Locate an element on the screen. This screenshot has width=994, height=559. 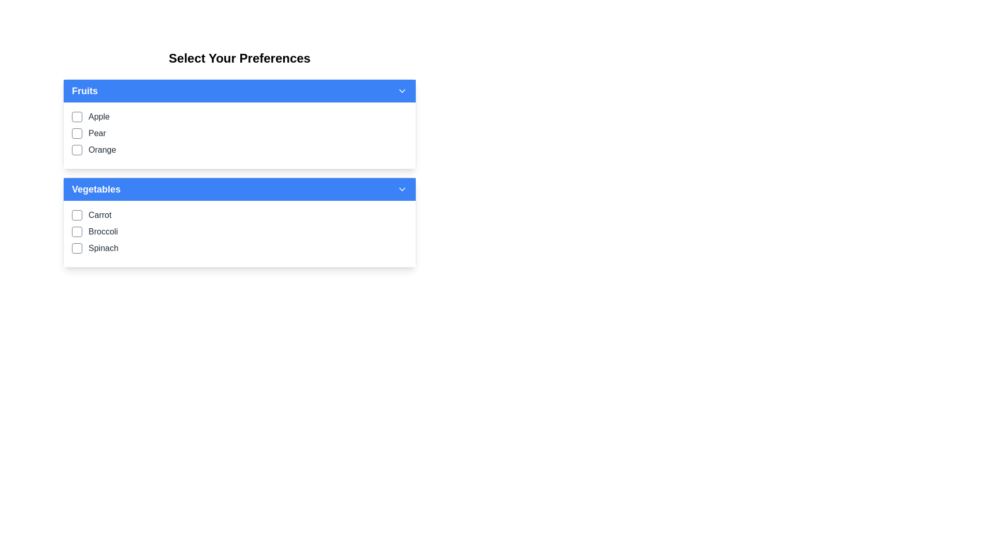
the checkbox for selecting or deselecting the item 'Pear' in the 'Fruits' section is located at coordinates (76, 133).